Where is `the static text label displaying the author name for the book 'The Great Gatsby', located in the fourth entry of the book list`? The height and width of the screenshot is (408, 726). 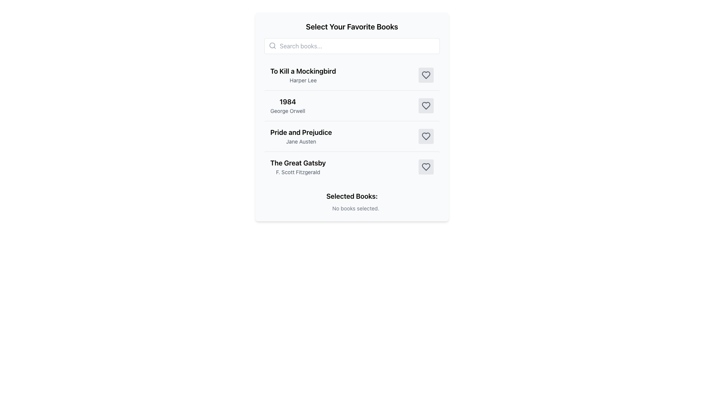
the static text label displaying the author name for the book 'The Great Gatsby', located in the fourth entry of the book list is located at coordinates (298, 172).